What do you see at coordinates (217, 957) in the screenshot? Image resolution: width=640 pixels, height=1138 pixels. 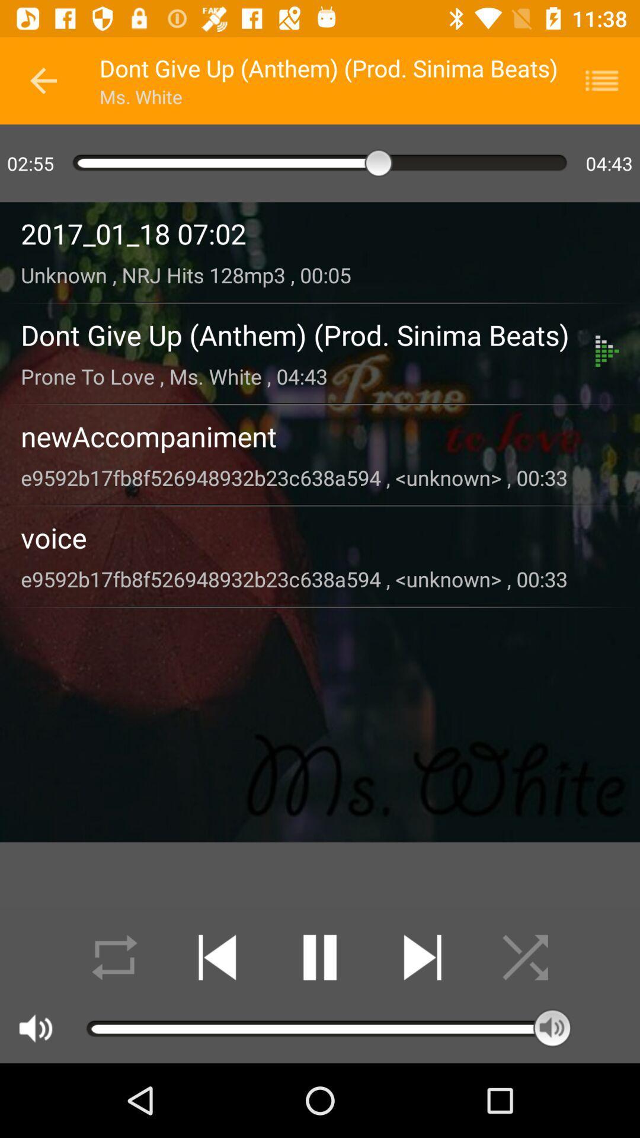 I see `last song` at bounding box center [217, 957].